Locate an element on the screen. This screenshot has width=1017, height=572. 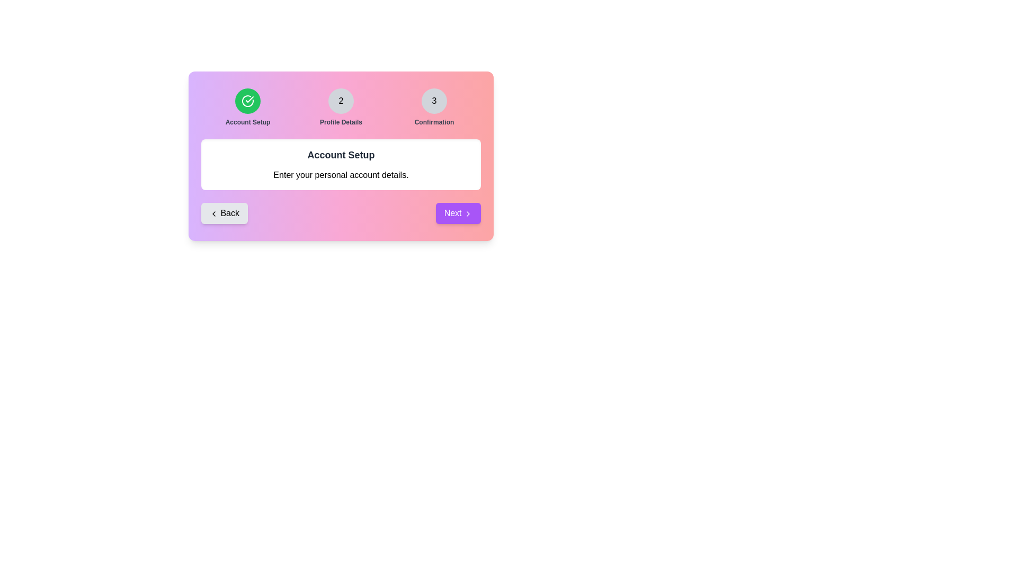
the navigation button Back is located at coordinates (224, 213).